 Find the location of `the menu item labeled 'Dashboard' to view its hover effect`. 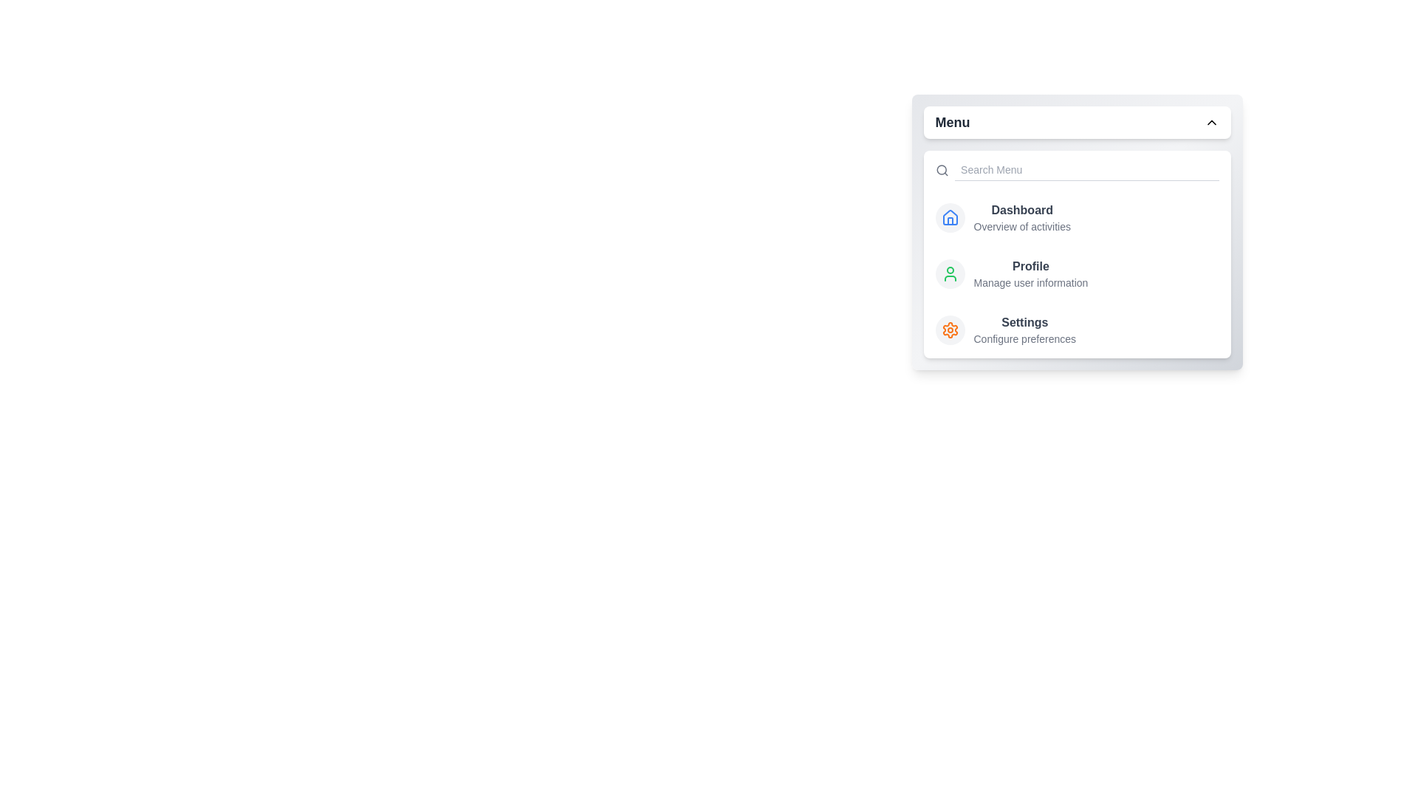

the menu item labeled 'Dashboard' to view its hover effect is located at coordinates (950, 217).